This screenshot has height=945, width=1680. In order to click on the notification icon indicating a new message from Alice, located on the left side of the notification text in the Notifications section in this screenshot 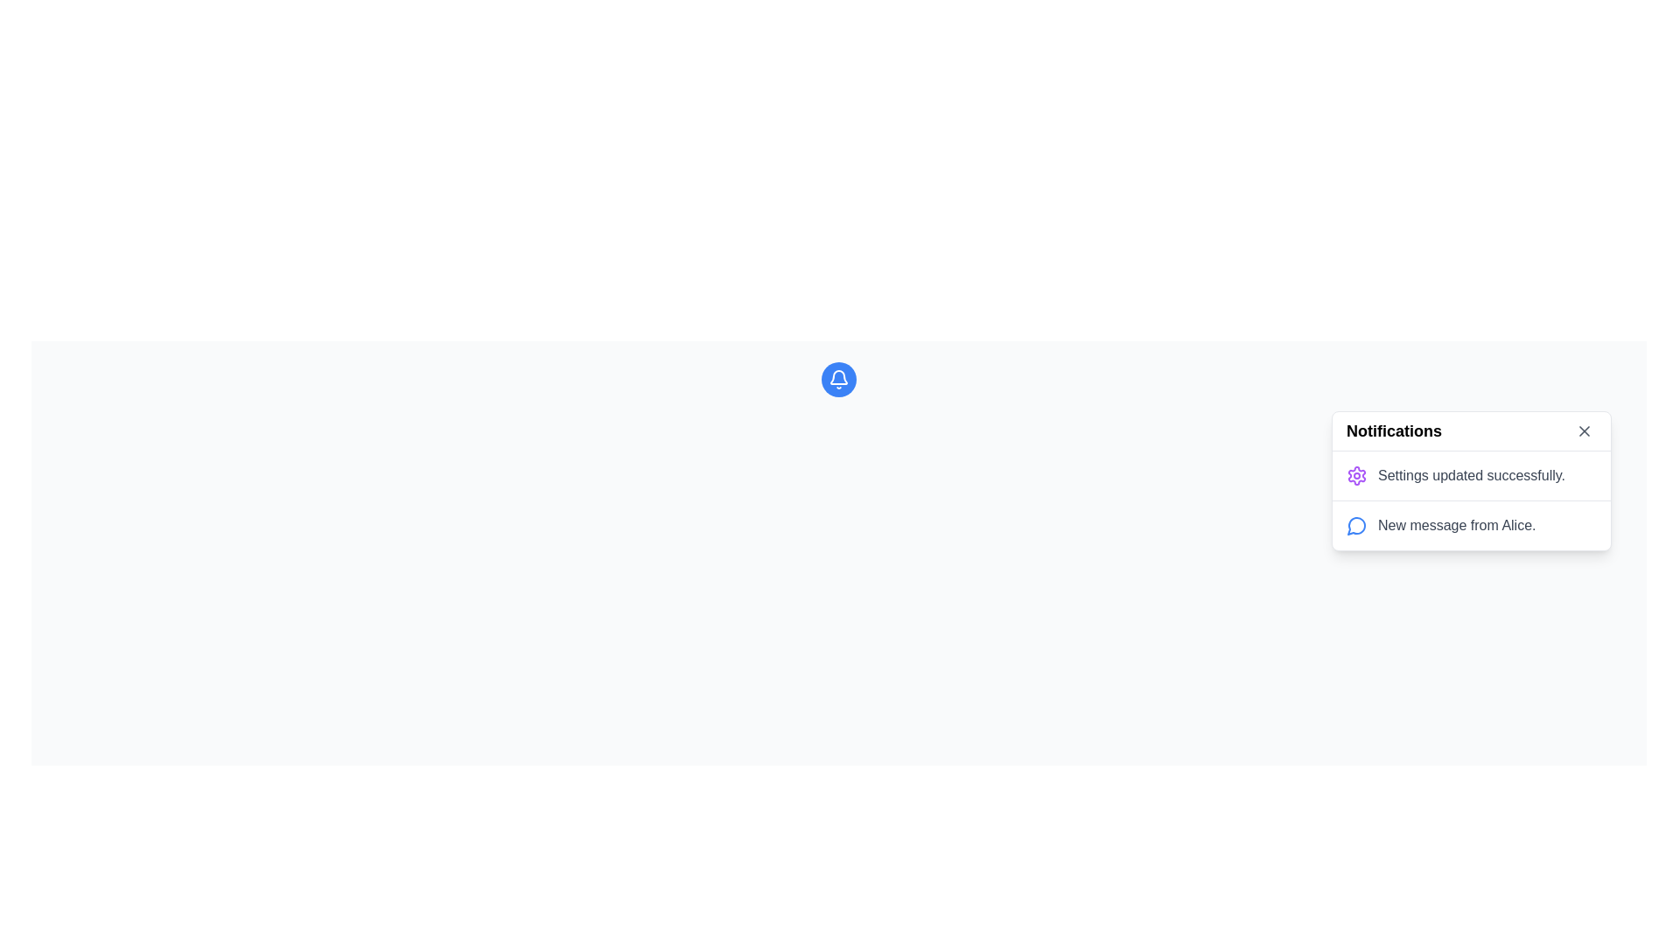, I will do `click(1355, 525)`.